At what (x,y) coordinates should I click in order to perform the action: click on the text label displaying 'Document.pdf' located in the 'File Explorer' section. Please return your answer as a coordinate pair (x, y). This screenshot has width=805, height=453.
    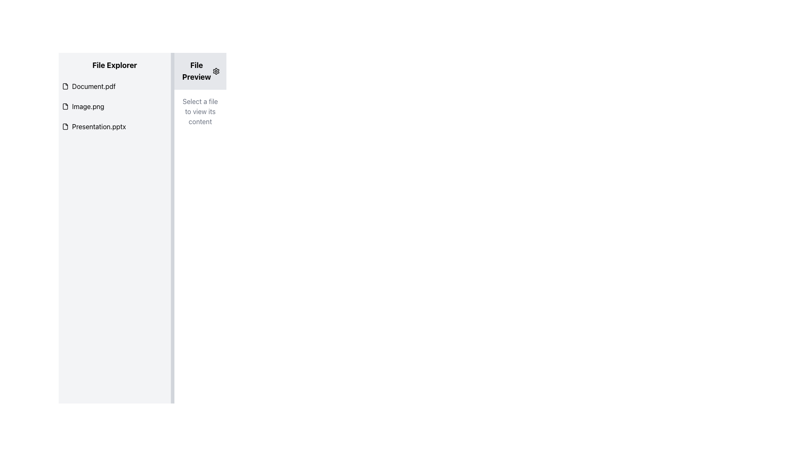
    Looking at the image, I should click on (94, 86).